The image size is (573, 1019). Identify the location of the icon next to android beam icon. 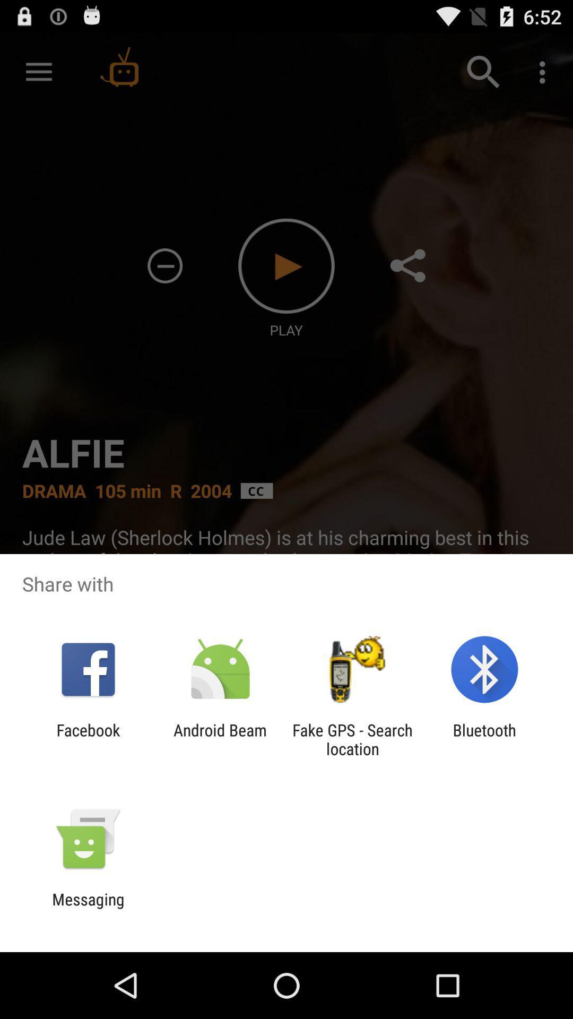
(352, 739).